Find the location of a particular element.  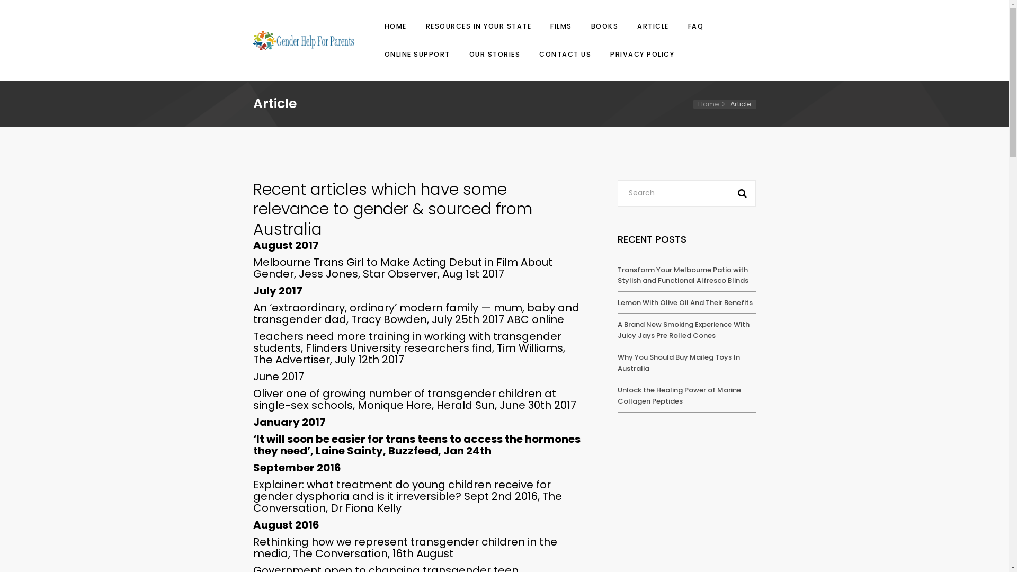

'Why You Should Buy Maileg Toys In Australia' is located at coordinates (618, 362).